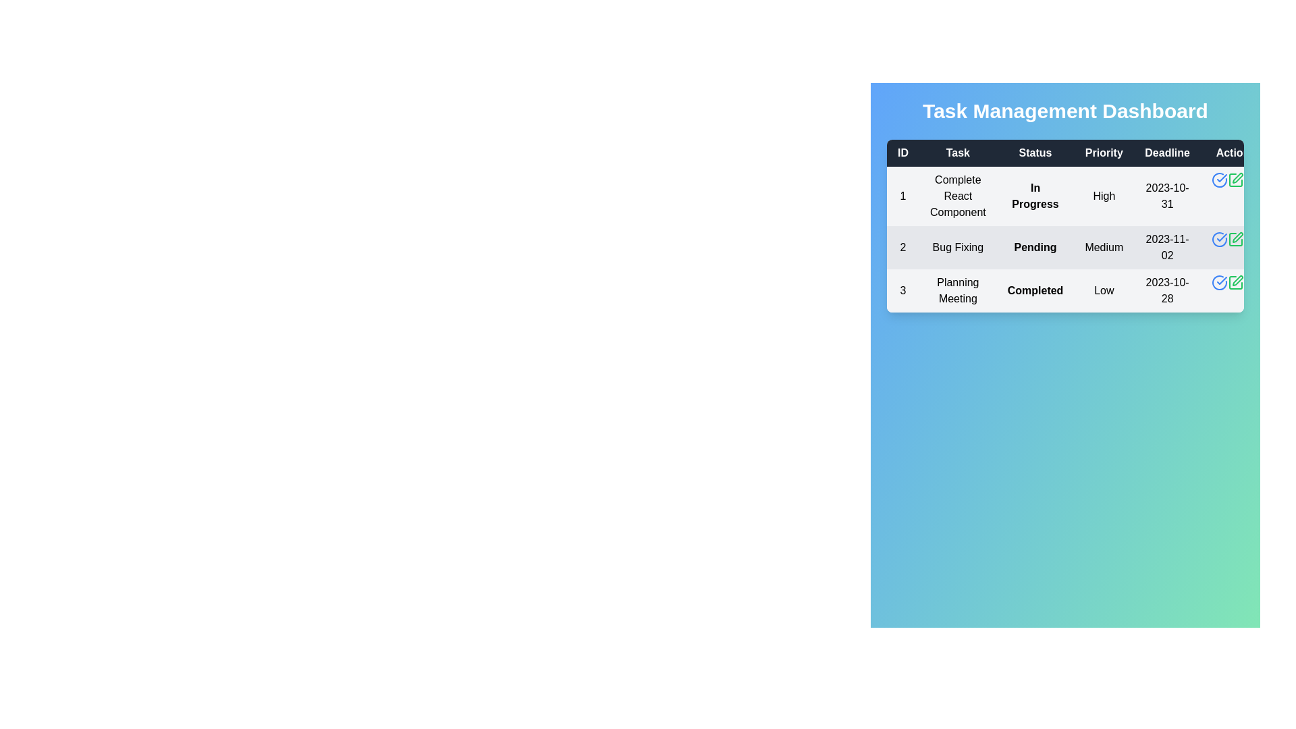 The image size is (1296, 729). Describe the element at coordinates (1218, 282) in the screenshot. I see `the complete button for task 3` at that location.